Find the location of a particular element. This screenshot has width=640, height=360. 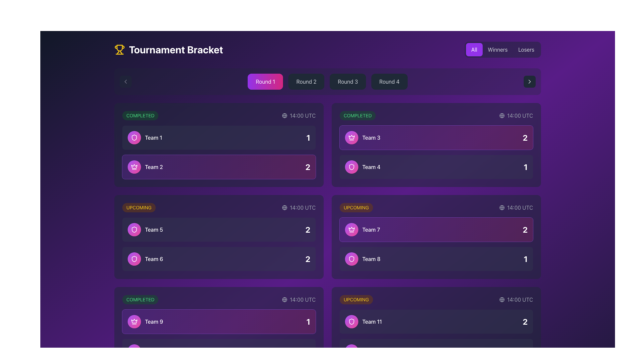

the chevron icon located on the right side of the horizontal panel containing filter options, which serves as a navigation trigger is located at coordinates (529, 81).